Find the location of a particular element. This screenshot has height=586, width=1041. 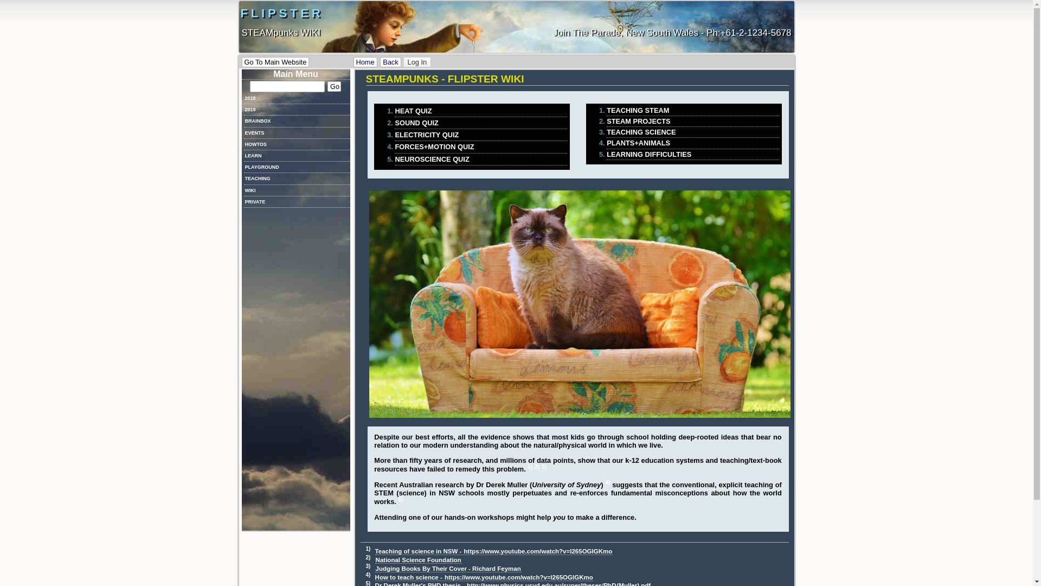

'[F]' is located at coordinates (286, 86).